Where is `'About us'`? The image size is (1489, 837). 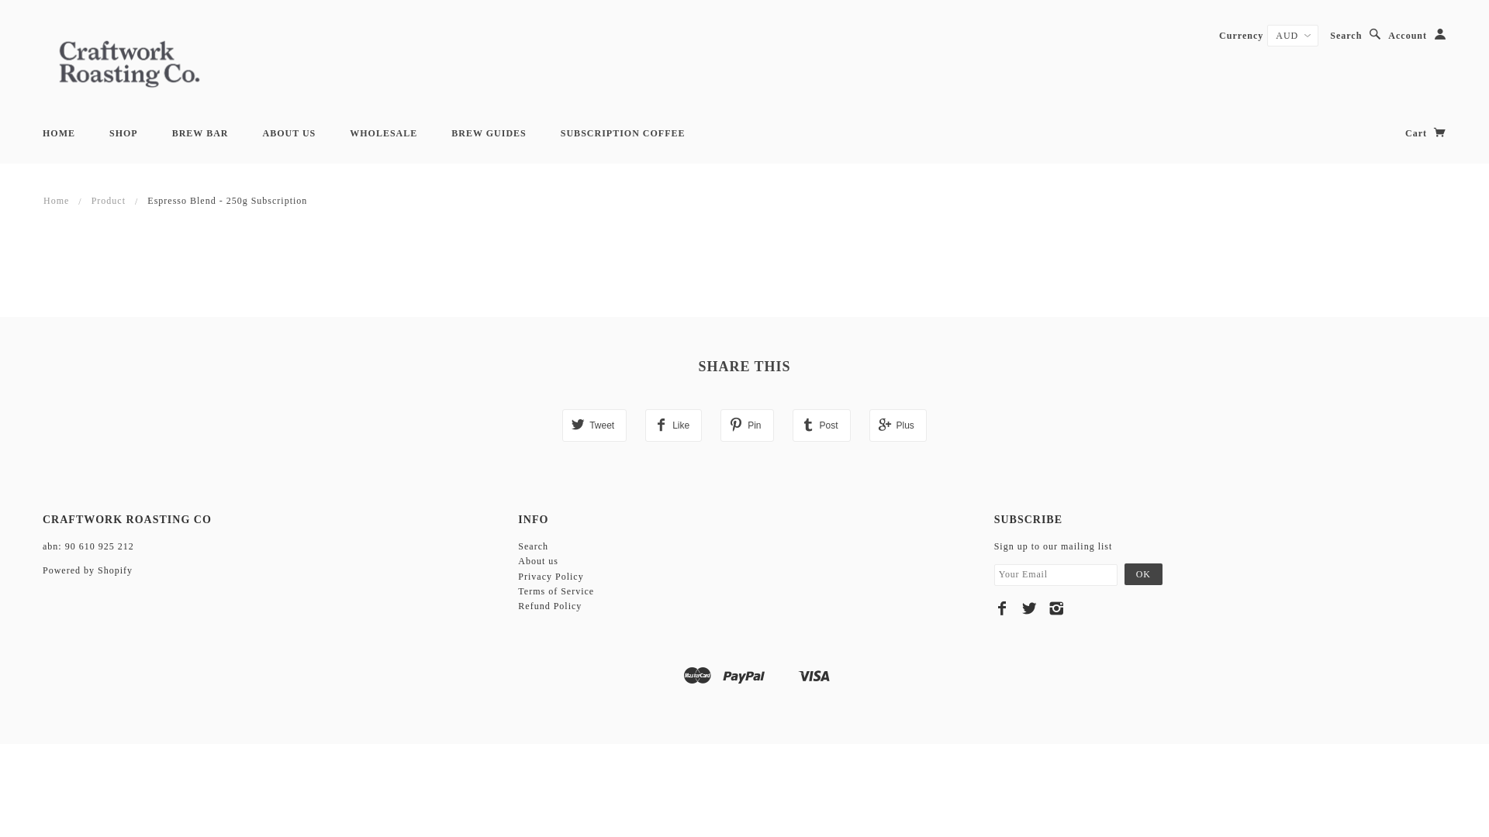 'About us' is located at coordinates (538, 561).